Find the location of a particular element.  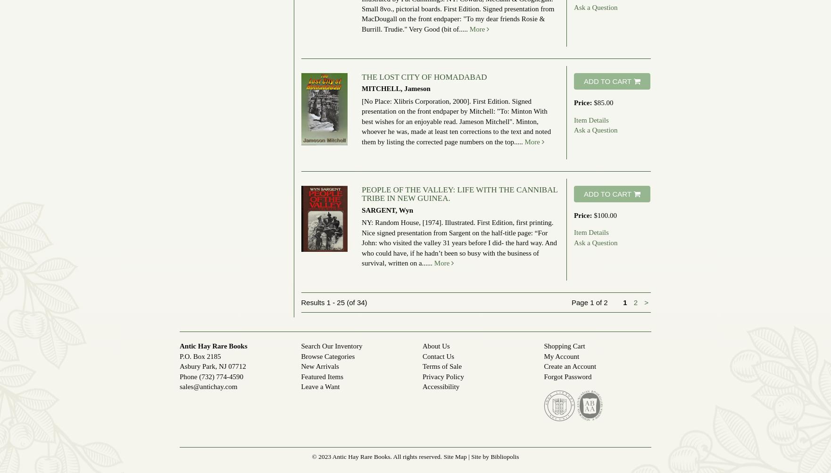

'SARGENT, Wyn' is located at coordinates (387, 210).